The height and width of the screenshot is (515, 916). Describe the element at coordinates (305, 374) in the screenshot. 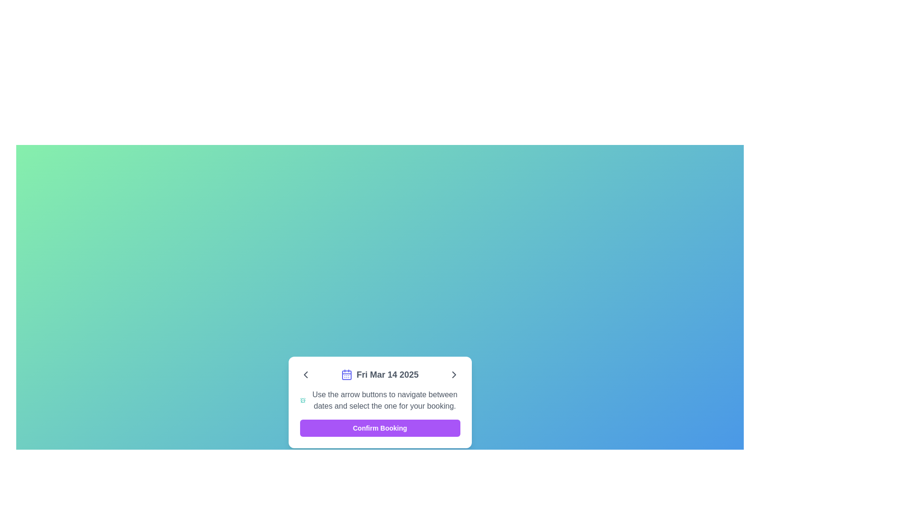

I see `the navigational button located on the leftmost side of the horizontal bar, preceding the date display 'Fri Mar 14 2025'` at that location.